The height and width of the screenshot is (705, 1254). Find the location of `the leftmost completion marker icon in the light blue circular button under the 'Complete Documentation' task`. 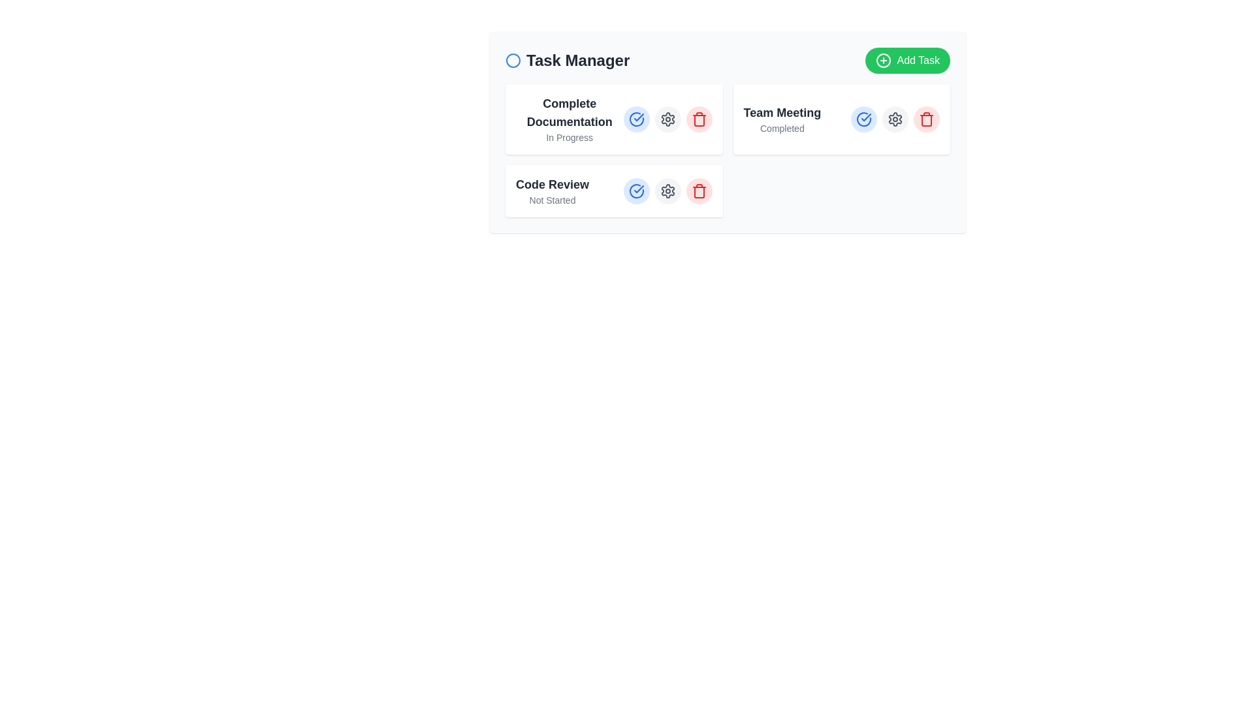

the leftmost completion marker icon in the light blue circular button under the 'Complete Documentation' task is located at coordinates (636, 119).